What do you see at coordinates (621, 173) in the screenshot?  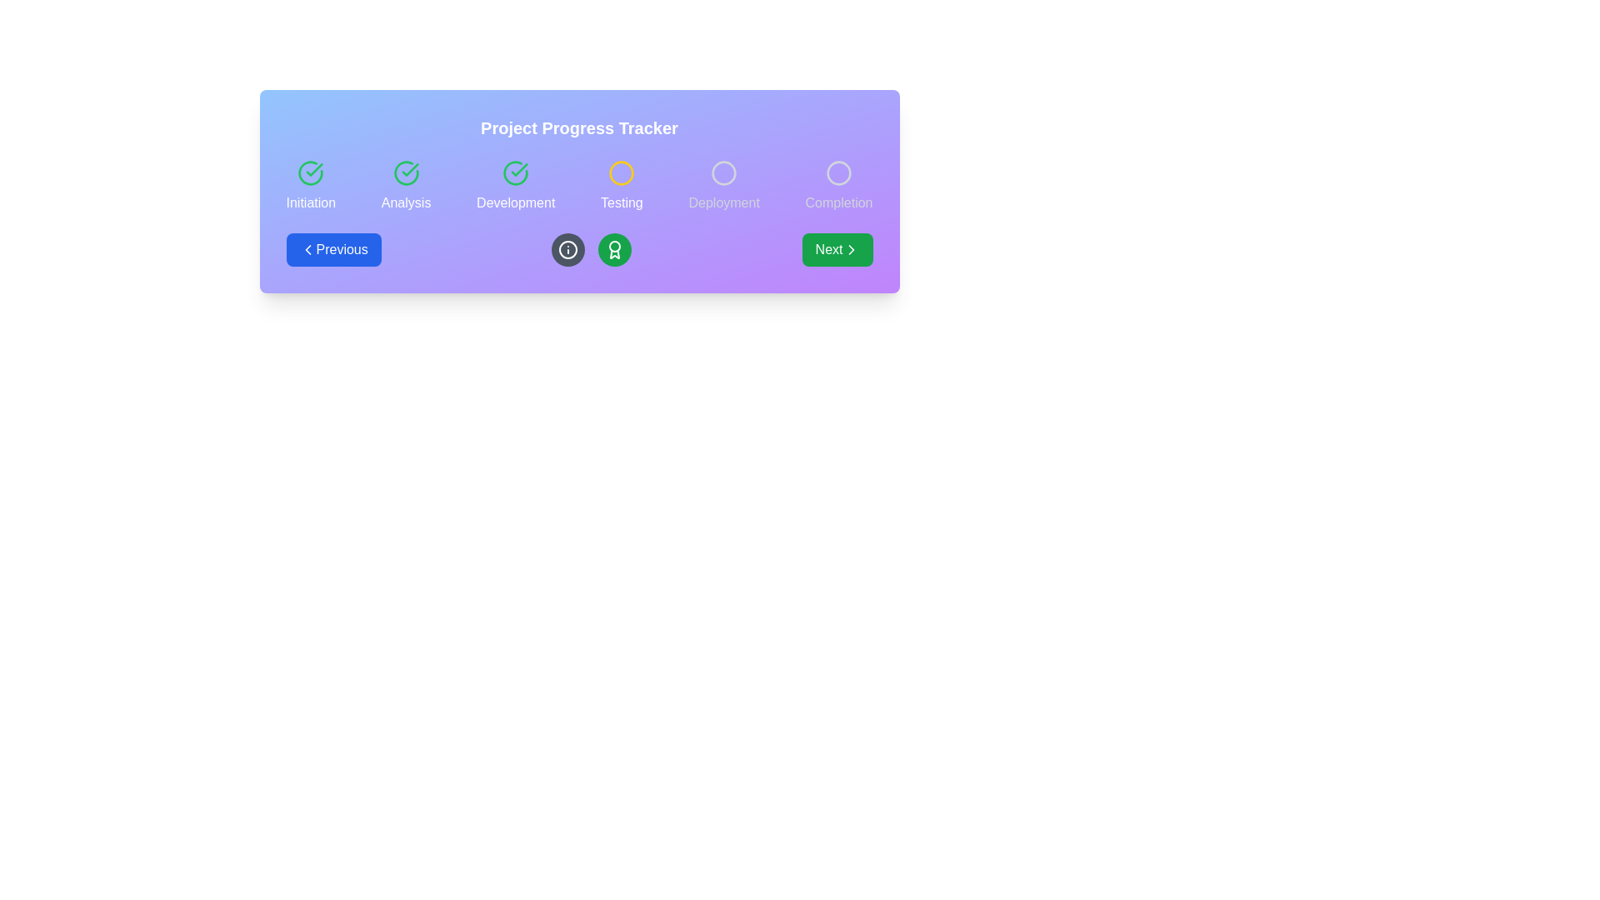 I see `the decorative circular indicator in the 'Testing' stage of the progress tracker, which is a yellow icon positioned between the 'Development' and 'Deployment' stages` at bounding box center [621, 173].